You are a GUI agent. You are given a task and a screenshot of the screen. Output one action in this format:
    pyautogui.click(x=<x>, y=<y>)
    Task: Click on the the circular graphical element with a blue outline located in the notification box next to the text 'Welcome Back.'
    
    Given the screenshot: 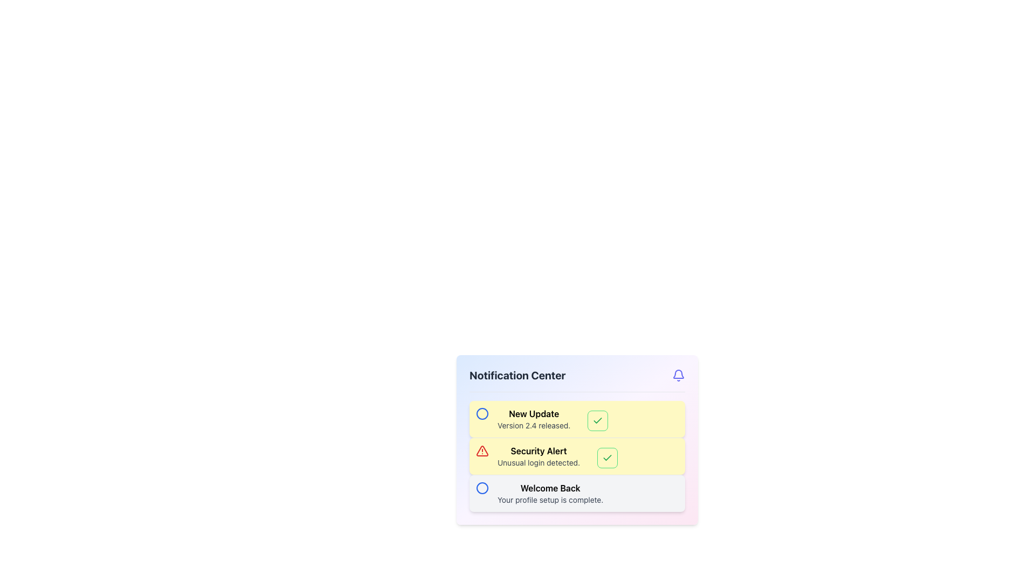 What is the action you would take?
    pyautogui.click(x=481, y=488)
    